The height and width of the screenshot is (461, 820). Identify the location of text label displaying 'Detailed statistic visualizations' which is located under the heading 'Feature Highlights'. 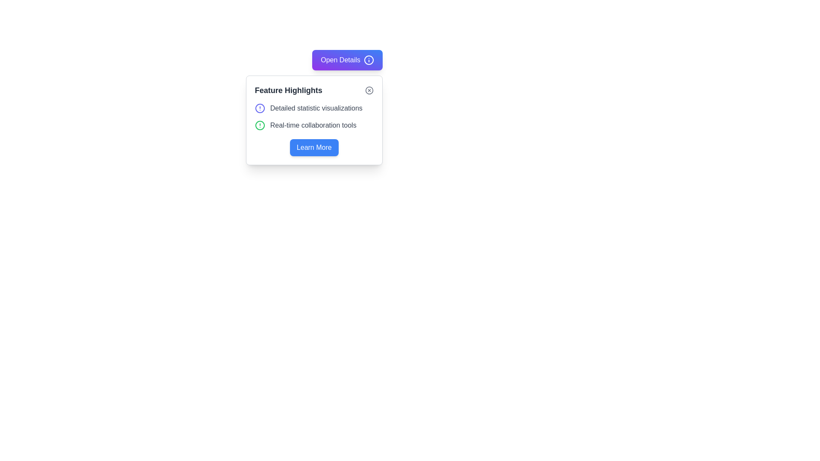
(316, 108).